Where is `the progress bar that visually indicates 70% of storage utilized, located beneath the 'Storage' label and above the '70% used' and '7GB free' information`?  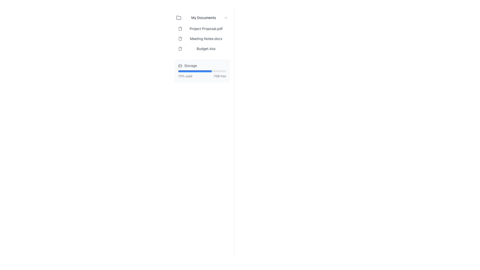 the progress bar that visually indicates 70% of storage utilized, located beneath the 'Storage' label and above the '70% used' and '7GB free' information is located at coordinates (202, 71).